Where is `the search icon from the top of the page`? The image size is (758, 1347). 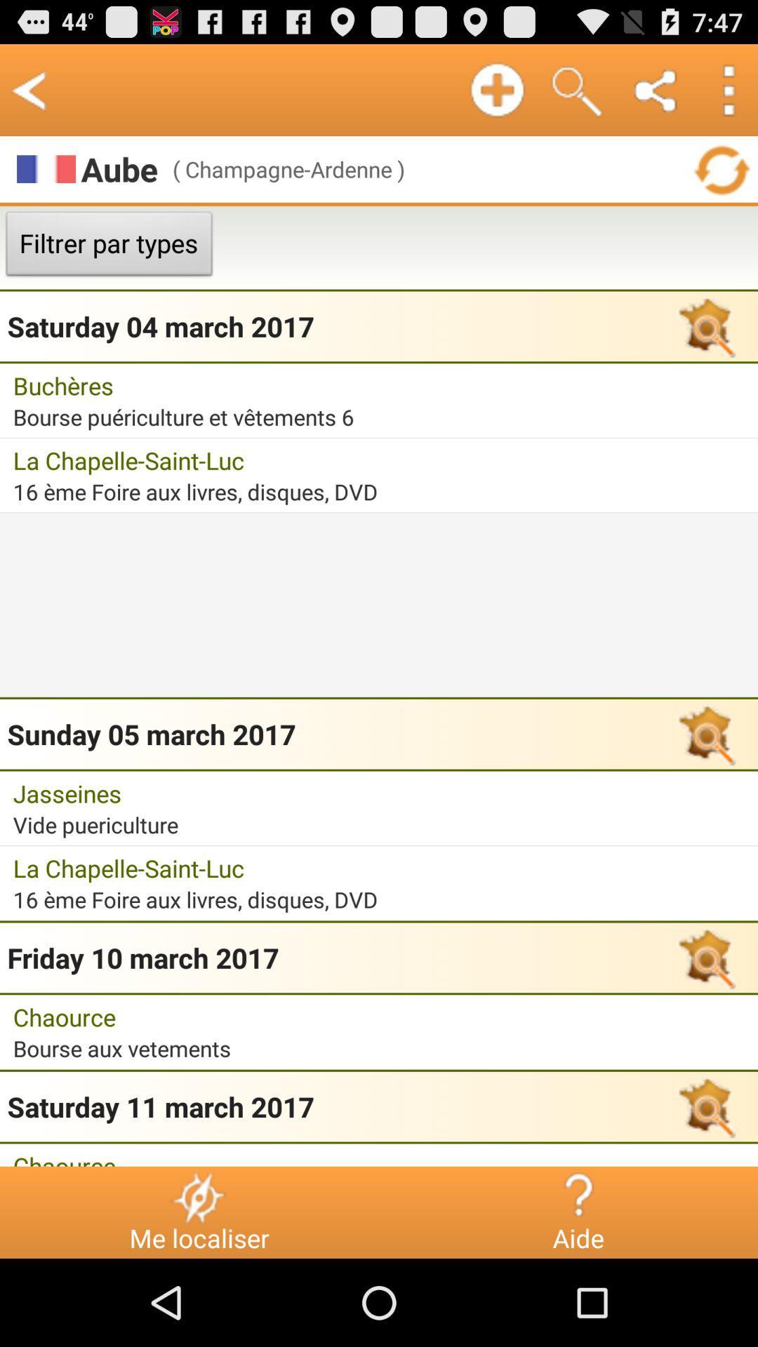
the search icon from the top of the page is located at coordinates (576, 89).